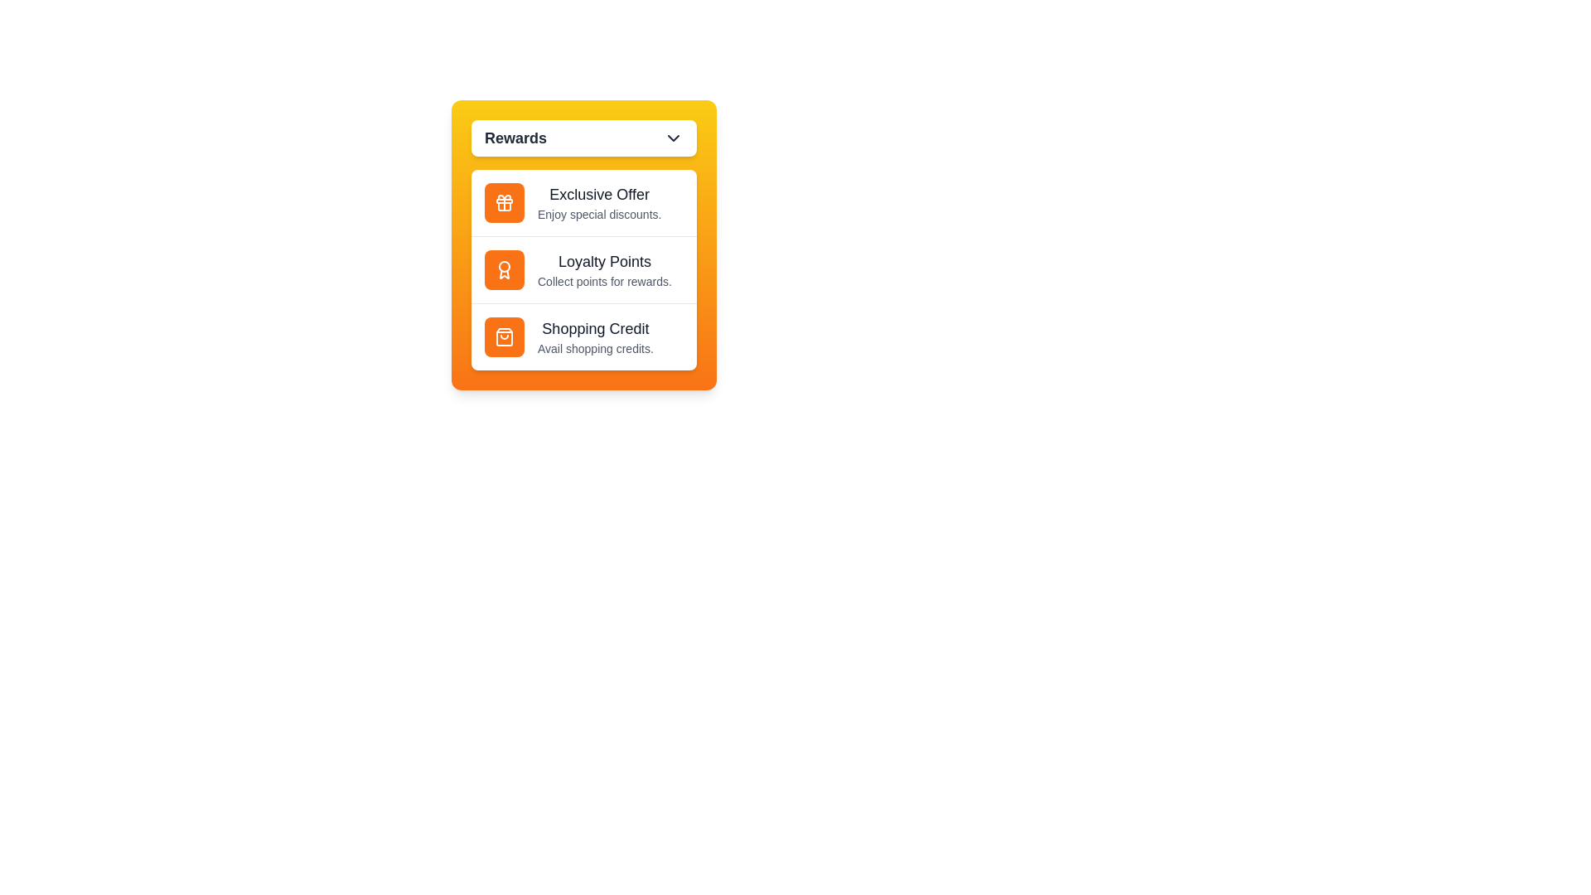 The height and width of the screenshot is (895, 1591). What do you see at coordinates (584, 137) in the screenshot?
I see `the 'Rewards' dropdown button located at the top section of the card` at bounding box center [584, 137].